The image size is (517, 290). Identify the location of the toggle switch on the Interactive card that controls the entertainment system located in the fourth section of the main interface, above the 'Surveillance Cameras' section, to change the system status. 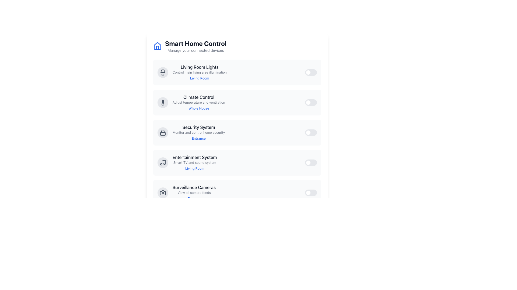
(237, 162).